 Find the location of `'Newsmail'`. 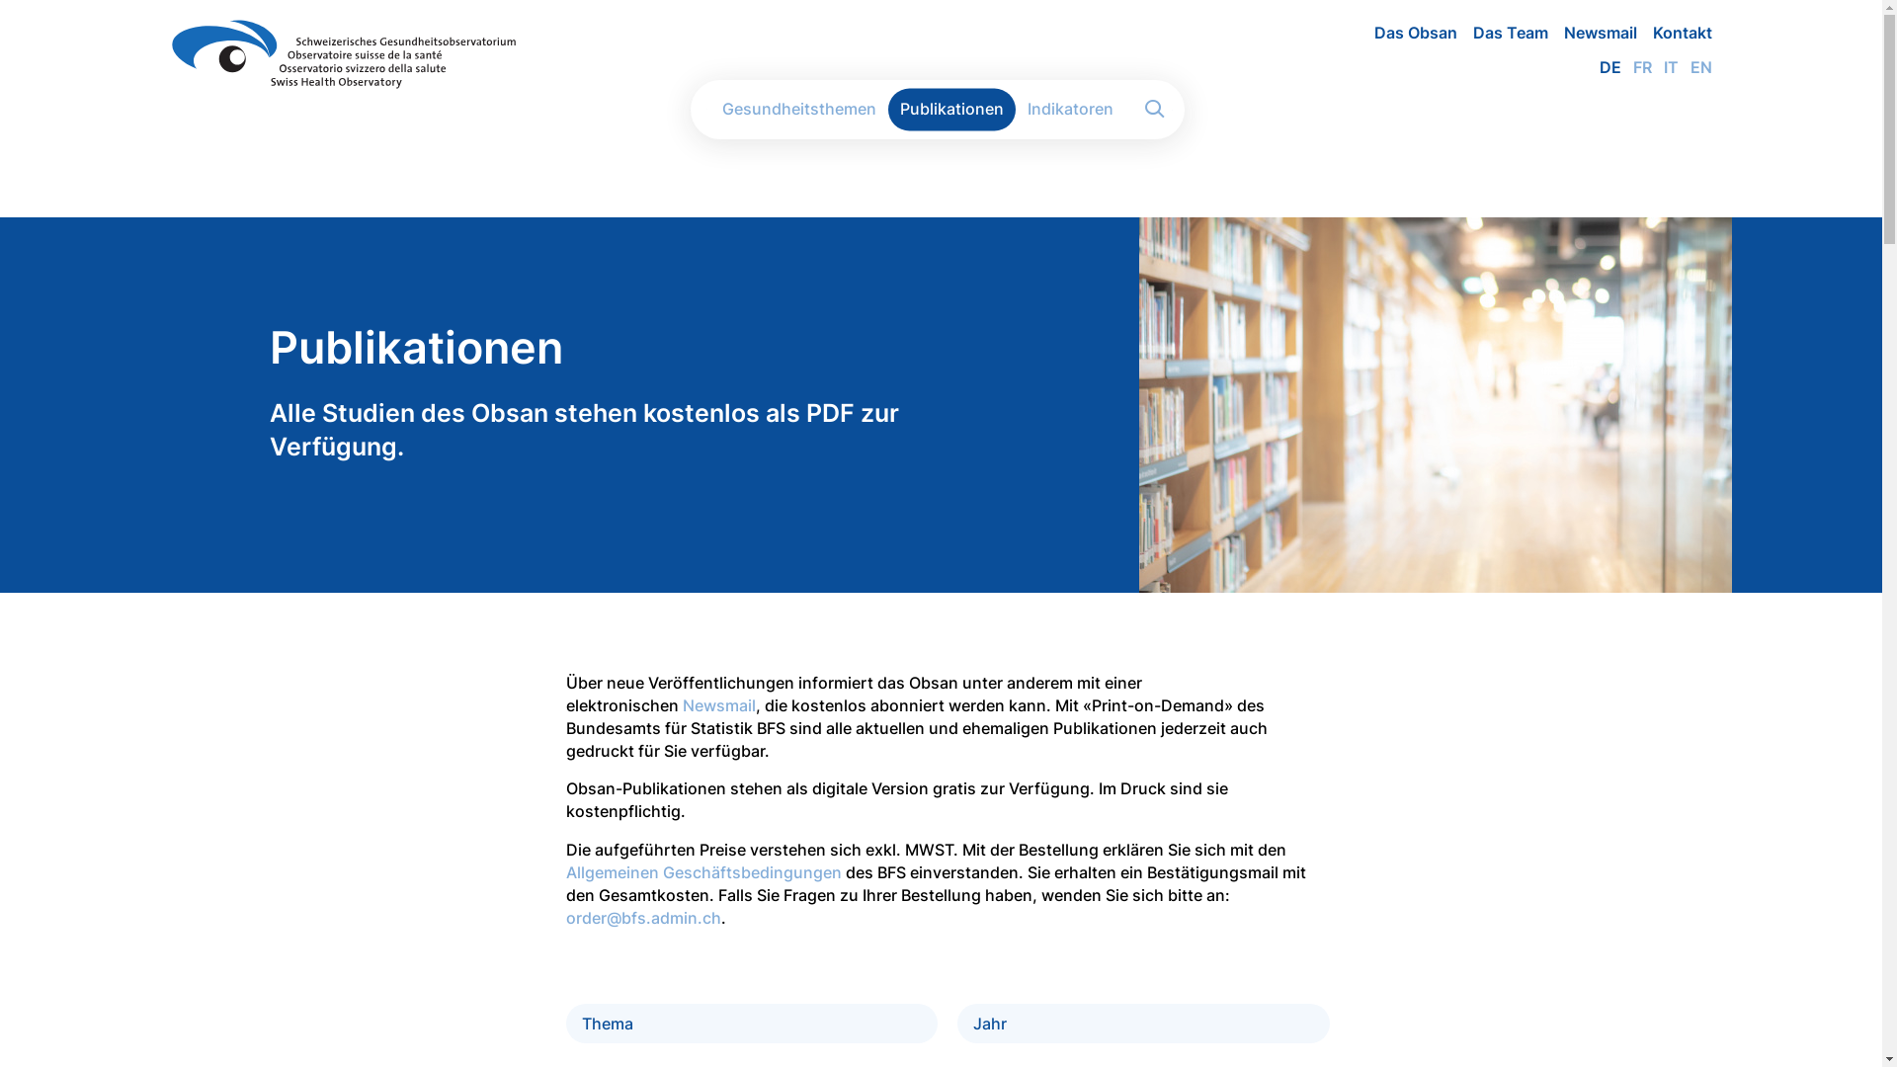

'Newsmail' is located at coordinates (1592, 33).